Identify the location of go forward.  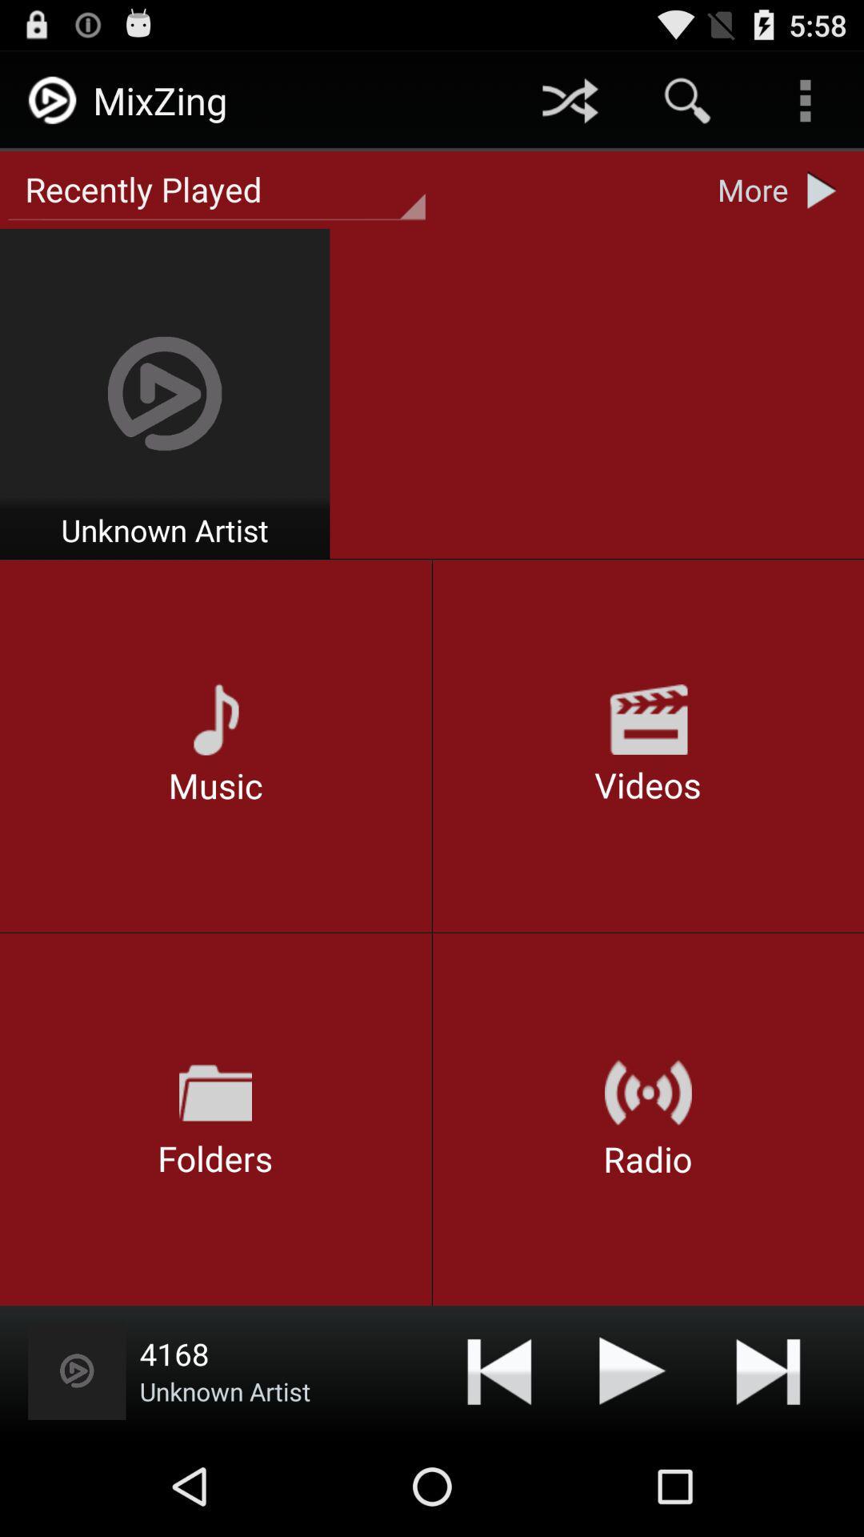
(767, 1370).